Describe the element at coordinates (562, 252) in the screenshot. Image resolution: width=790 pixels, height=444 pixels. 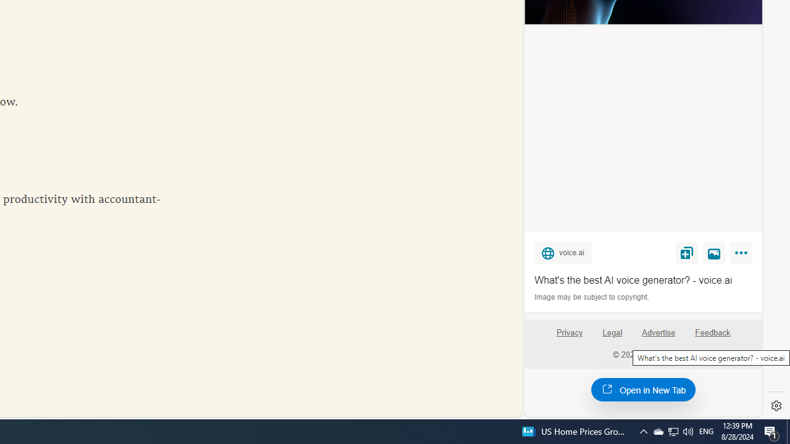
I see `'voice.ai'` at that location.